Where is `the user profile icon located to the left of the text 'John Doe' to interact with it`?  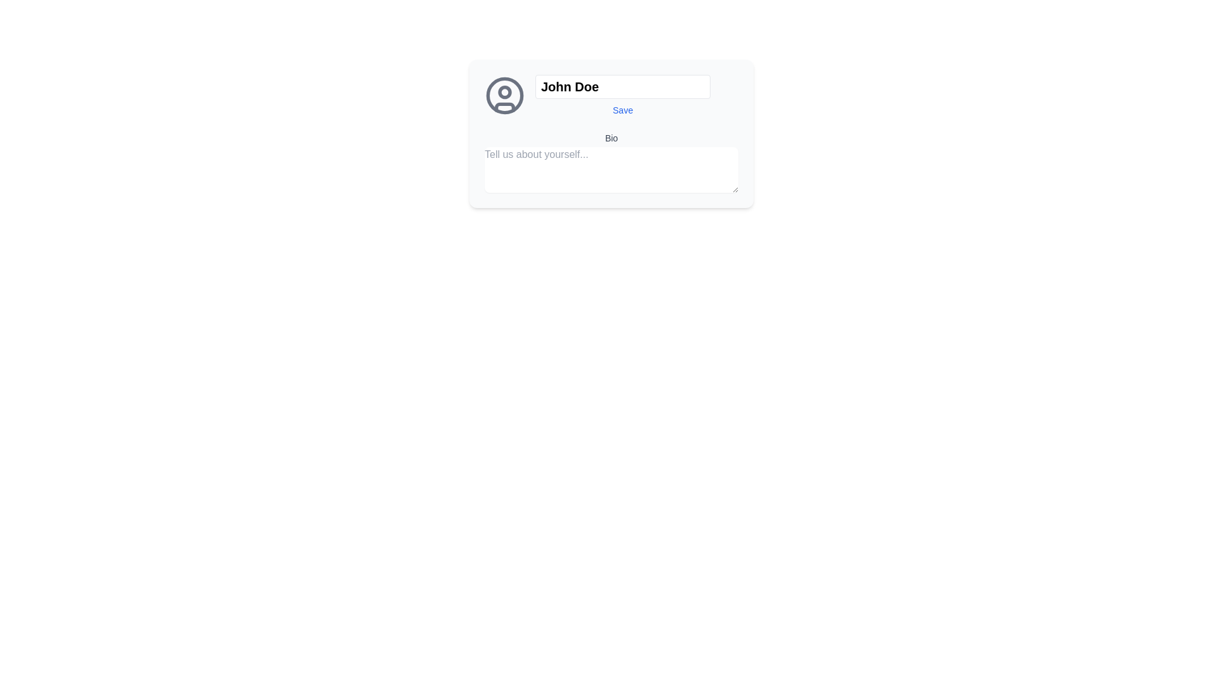
the user profile icon located to the left of the text 'John Doe' to interact with it is located at coordinates (504, 95).